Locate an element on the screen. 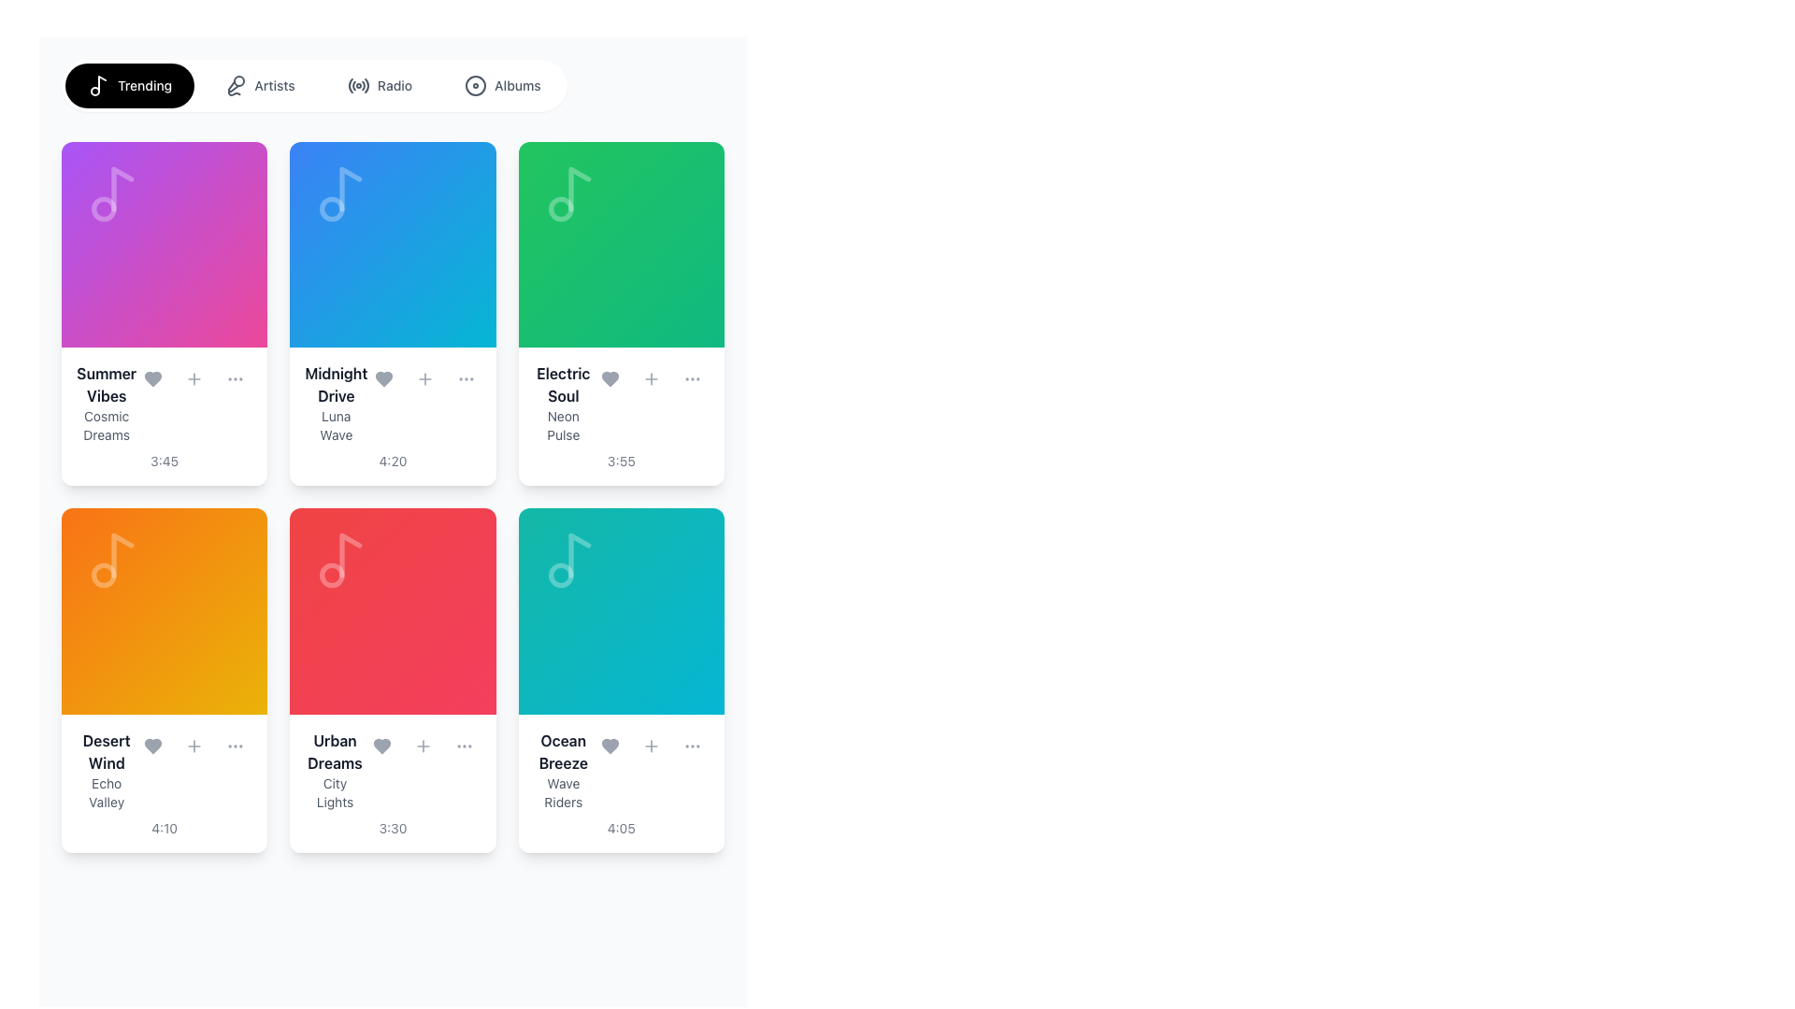 The image size is (1795, 1009). Text Label displaying the duration of the music track located in the 'Ocean Breeze' card, which is positioned at the bottom of the card in the third column of the second row is located at coordinates (621, 827).